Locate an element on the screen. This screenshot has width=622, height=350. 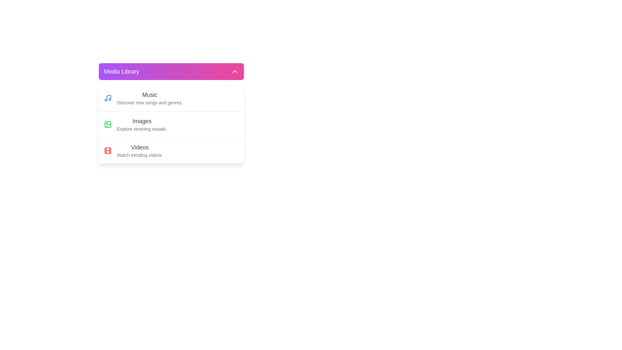
the Decorative icon rectangle, which is a red rectangular shape with rounded corners representing a film reel, located near the bottom of the list for the 'Videos' entry is located at coordinates (108, 151).